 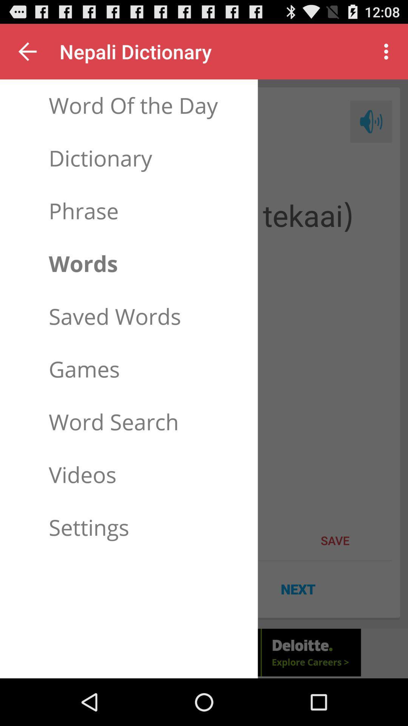 What do you see at coordinates (371, 130) in the screenshot?
I see `the volume icon` at bounding box center [371, 130].